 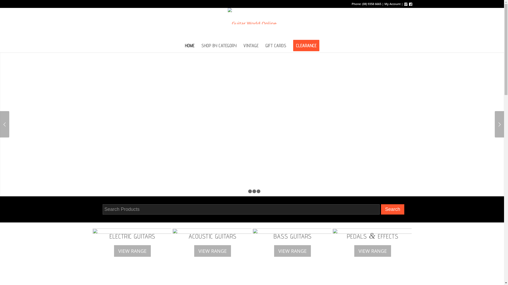 What do you see at coordinates (258, 191) in the screenshot?
I see `'4'` at bounding box center [258, 191].